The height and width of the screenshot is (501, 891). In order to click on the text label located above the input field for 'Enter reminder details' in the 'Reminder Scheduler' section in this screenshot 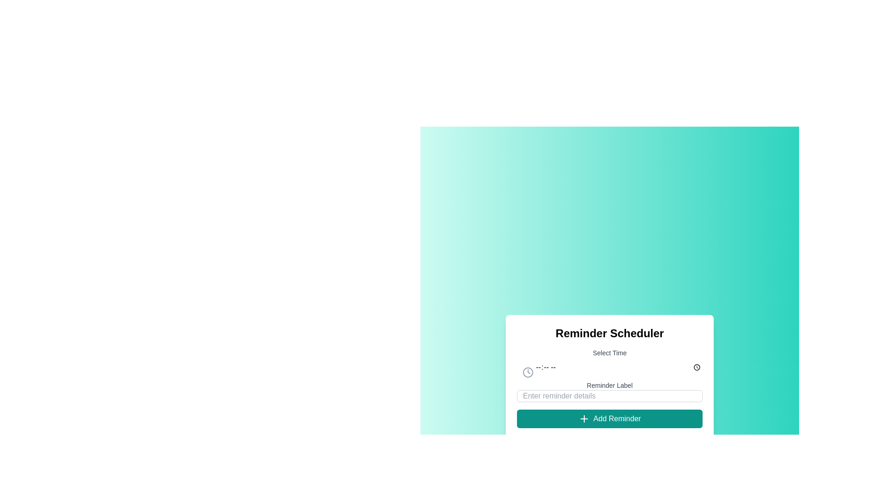, I will do `click(610, 385)`.